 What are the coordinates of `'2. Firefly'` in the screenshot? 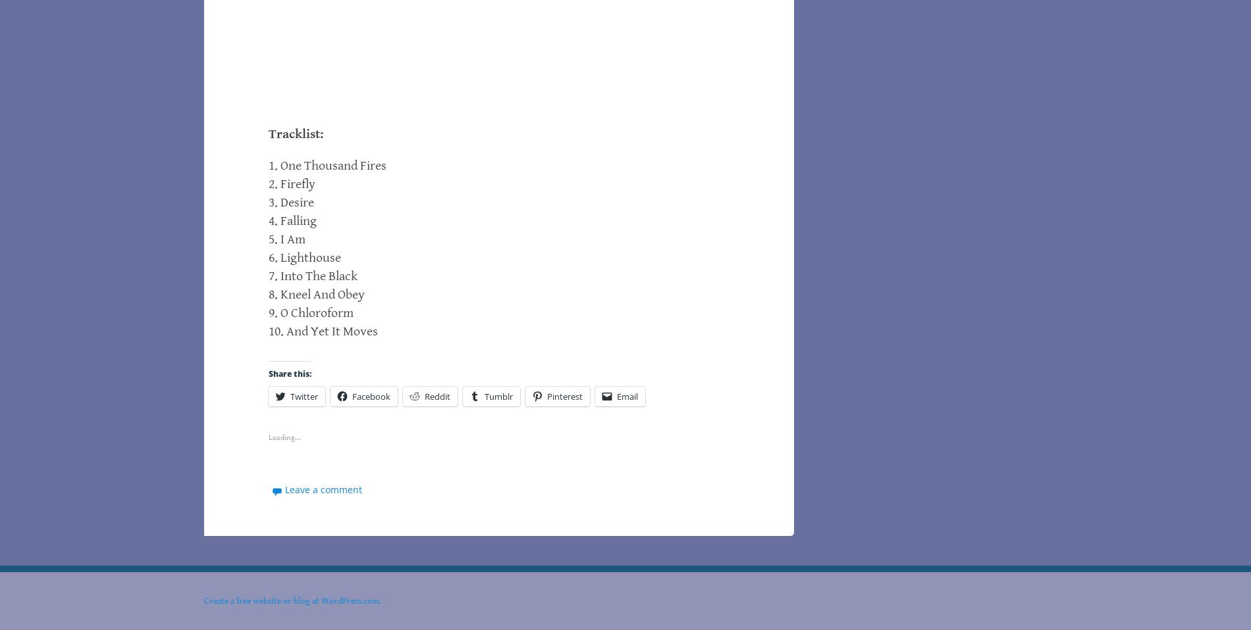 It's located at (291, 184).